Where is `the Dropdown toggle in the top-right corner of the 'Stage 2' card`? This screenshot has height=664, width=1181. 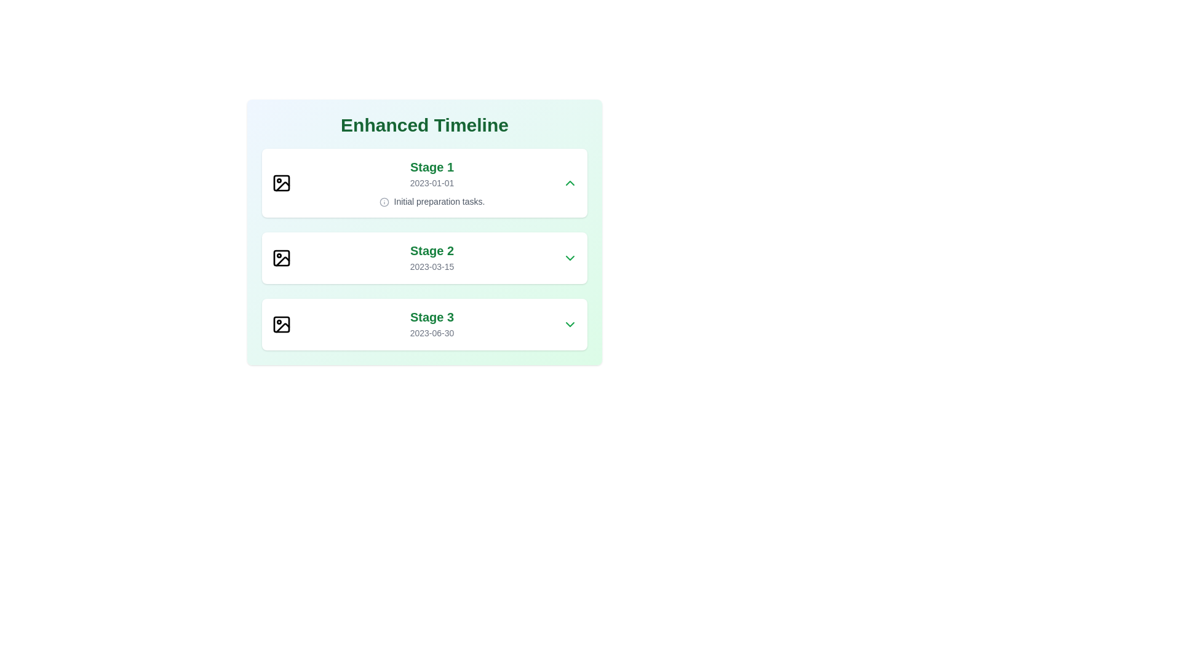
the Dropdown toggle in the top-right corner of the 'Stage 2' card is located at coordinates (569, 258).